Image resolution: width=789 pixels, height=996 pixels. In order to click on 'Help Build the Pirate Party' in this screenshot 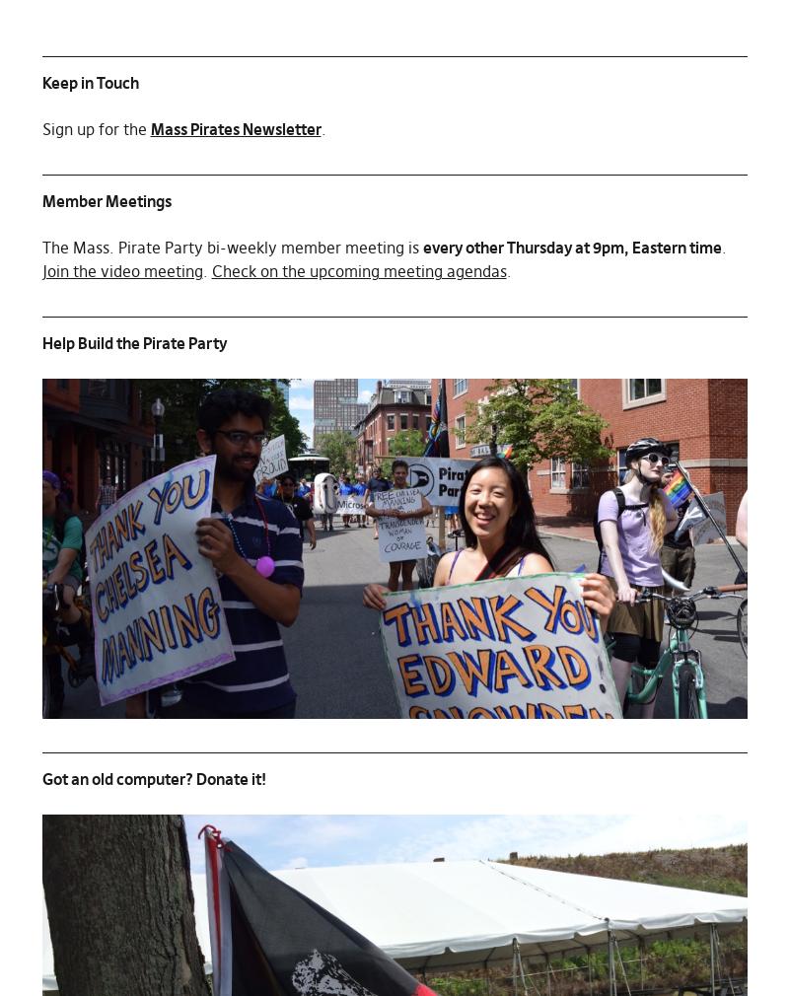, I will do `click(133, 343)`.